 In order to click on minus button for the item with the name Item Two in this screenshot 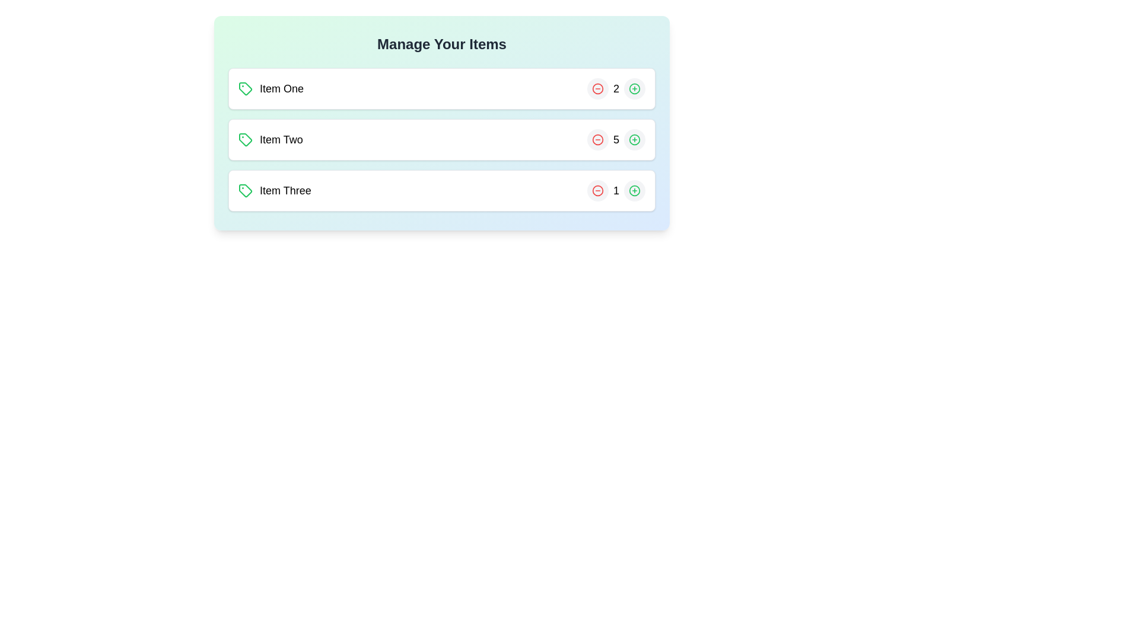, I will do `click(598, 139)`.